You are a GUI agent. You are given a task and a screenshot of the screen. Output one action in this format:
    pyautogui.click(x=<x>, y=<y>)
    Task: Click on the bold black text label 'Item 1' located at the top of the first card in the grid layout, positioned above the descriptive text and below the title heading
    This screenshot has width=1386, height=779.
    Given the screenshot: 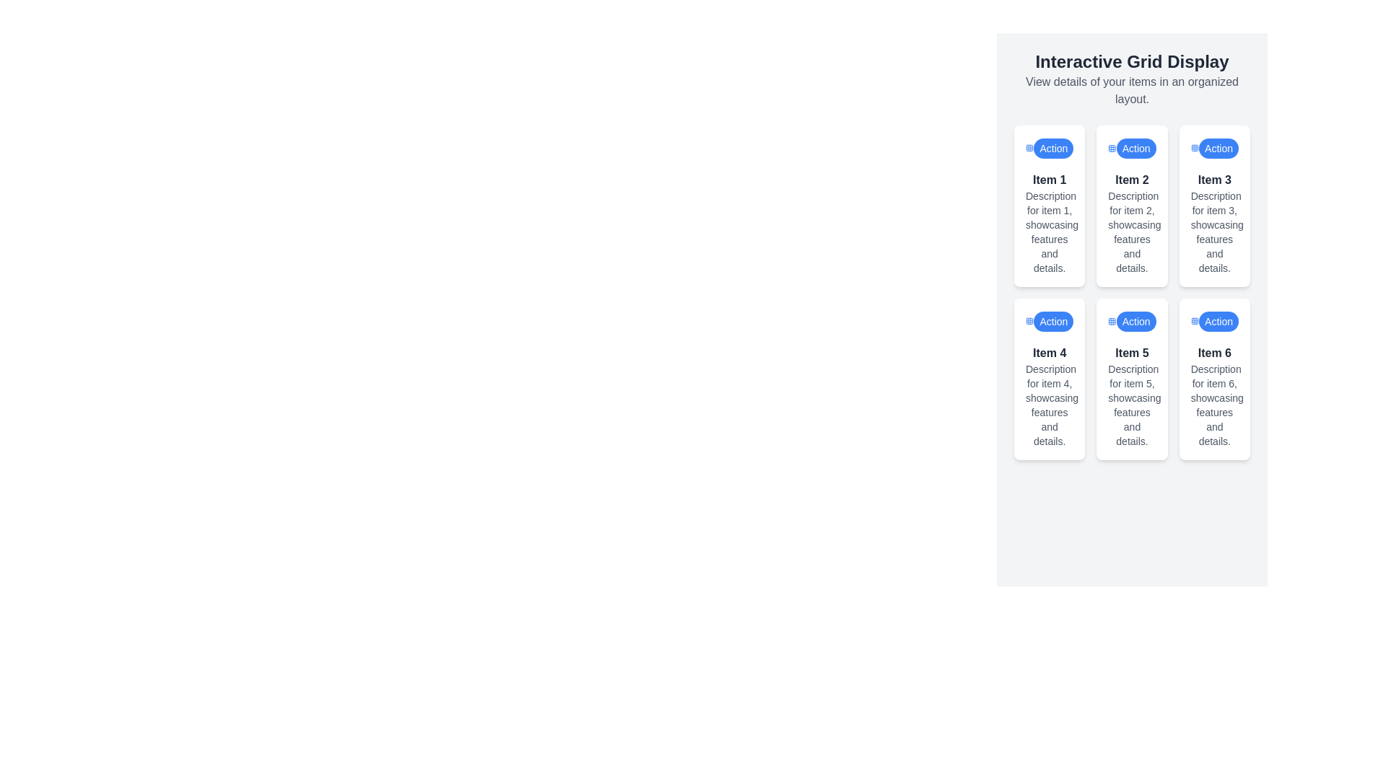 What is the action you would take?
    pyautogui.click(x=1050, y=180)
    